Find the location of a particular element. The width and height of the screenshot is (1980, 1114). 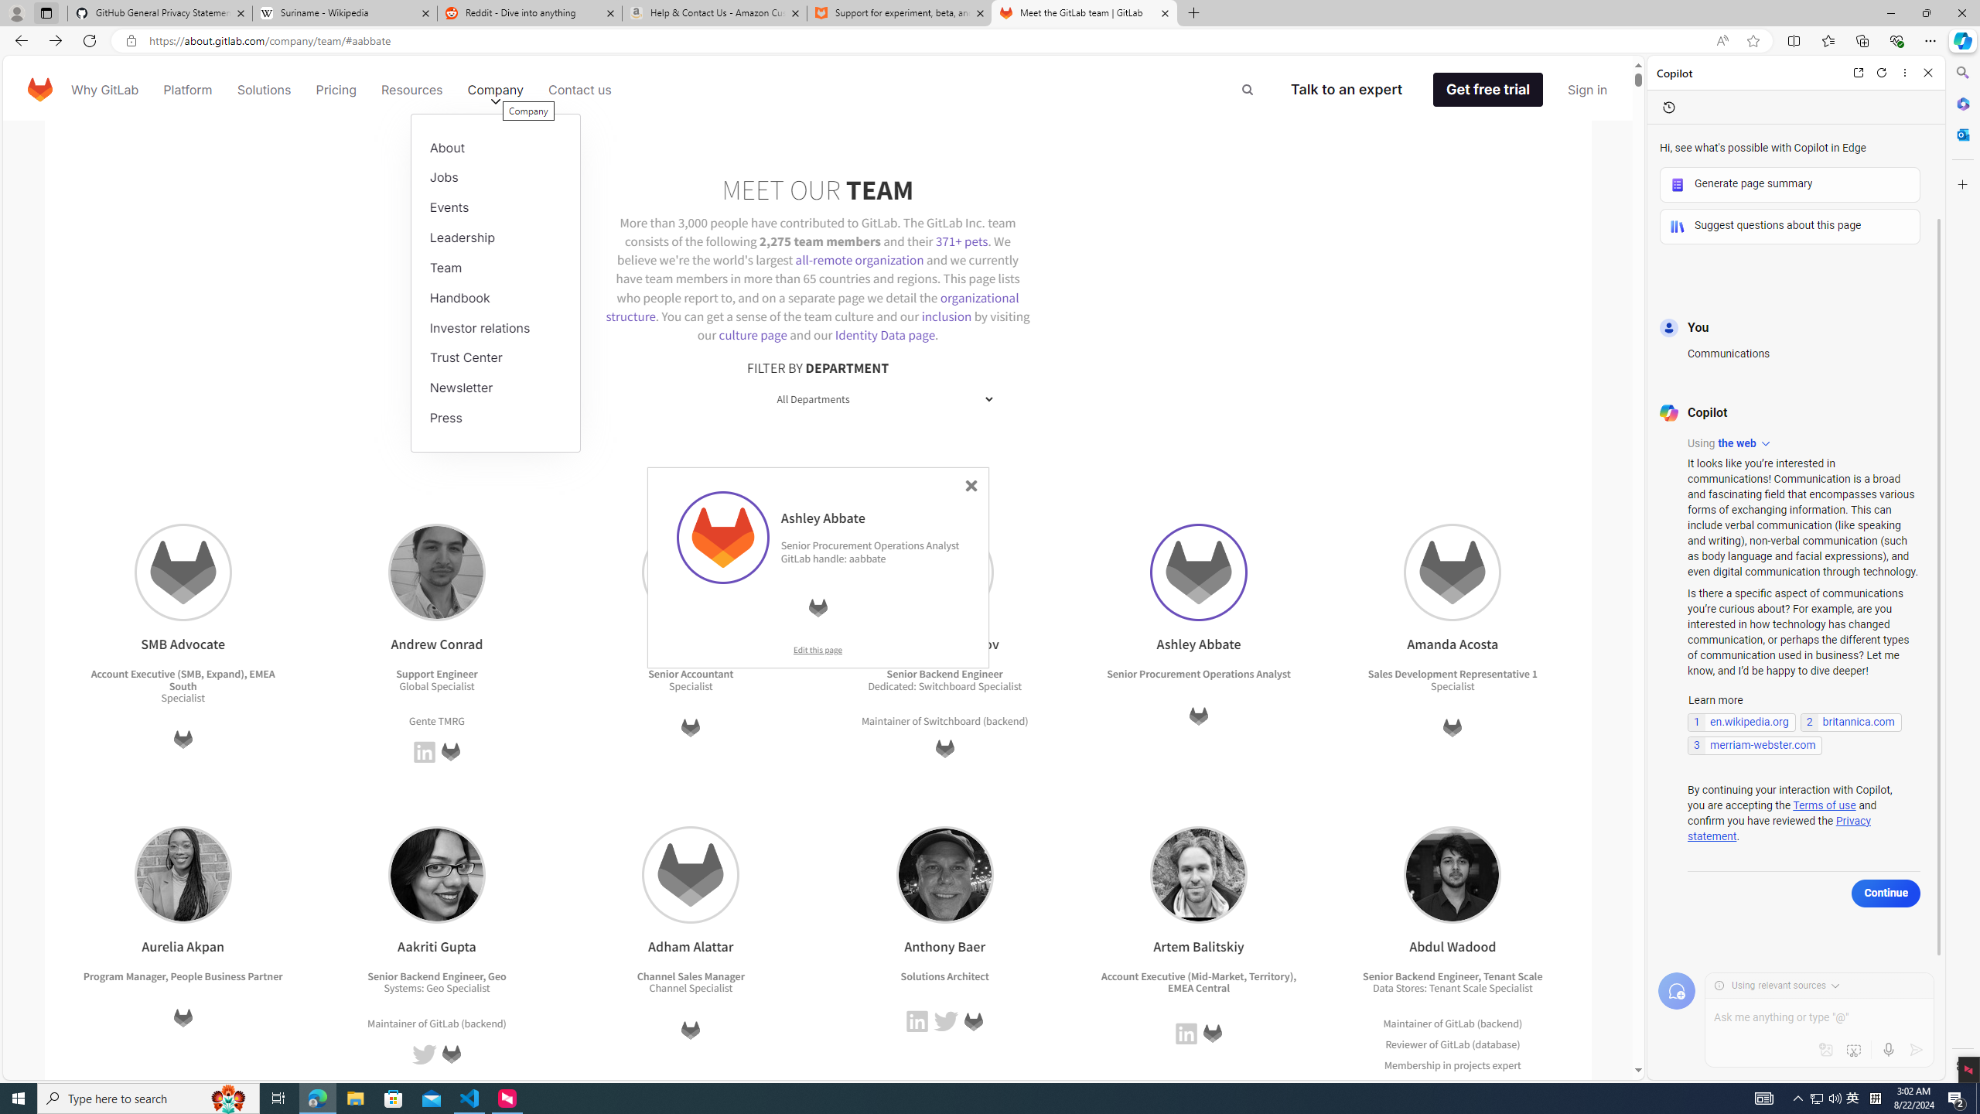

'organizational structure' is located at coordinates (811, 306).